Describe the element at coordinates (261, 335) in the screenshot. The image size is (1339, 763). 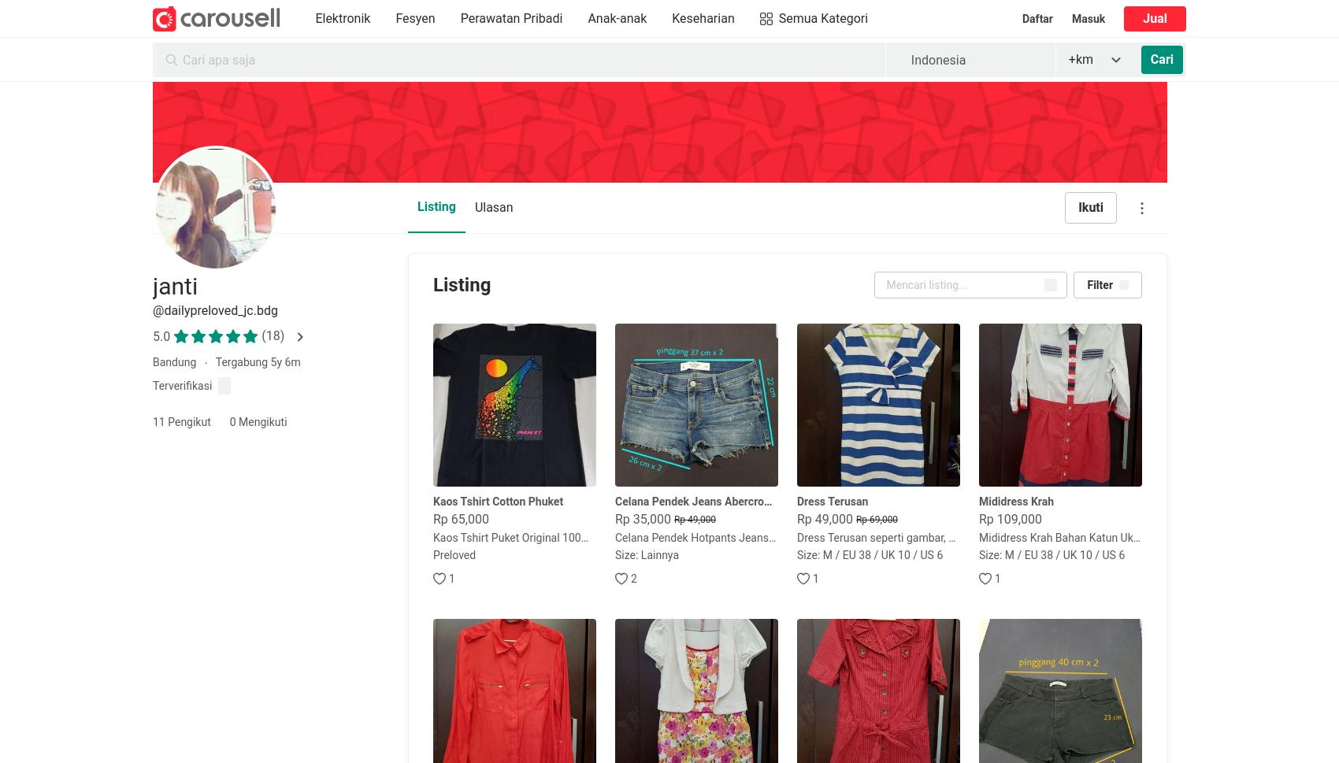
I see `'(18)'` at that location.